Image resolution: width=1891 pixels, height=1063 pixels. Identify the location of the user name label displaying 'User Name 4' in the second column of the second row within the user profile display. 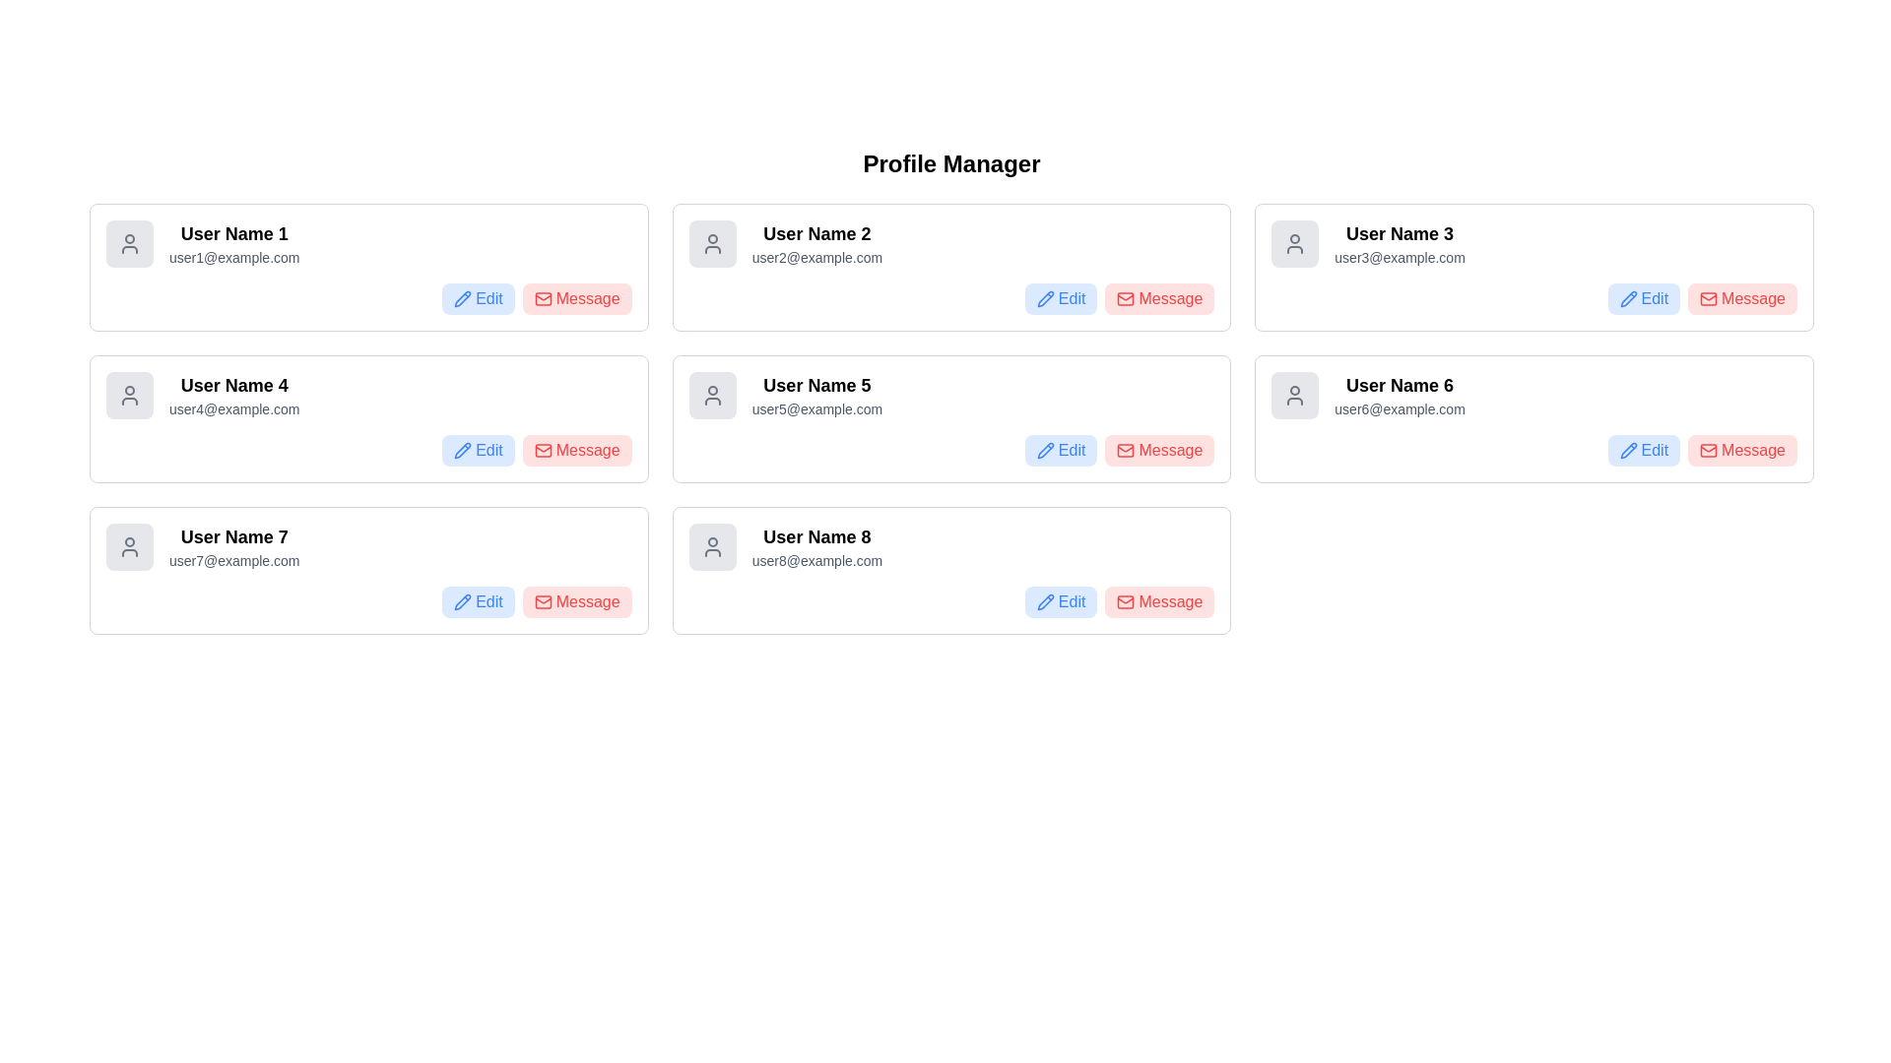
(234, 386).